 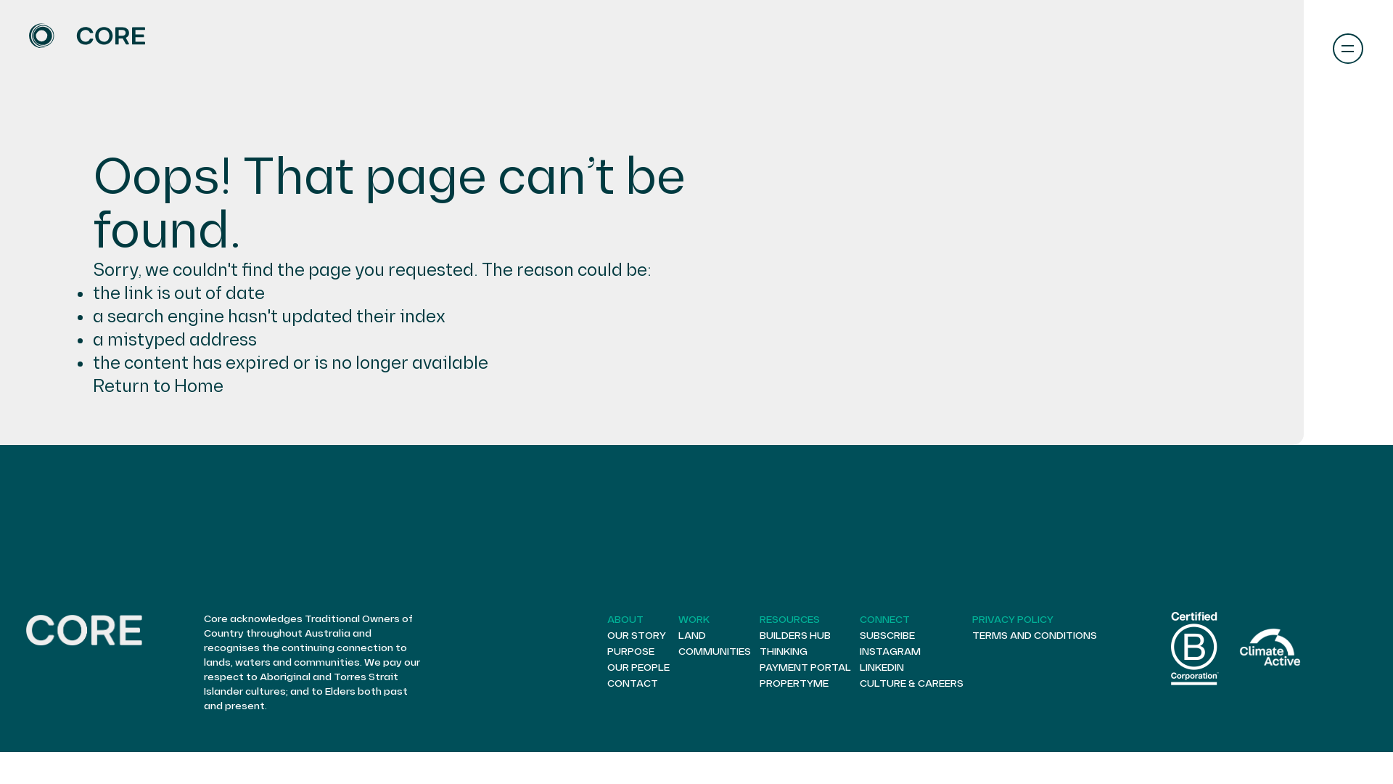 I want to click on 'BUILDERS HUB', so click(x=794, y=634).